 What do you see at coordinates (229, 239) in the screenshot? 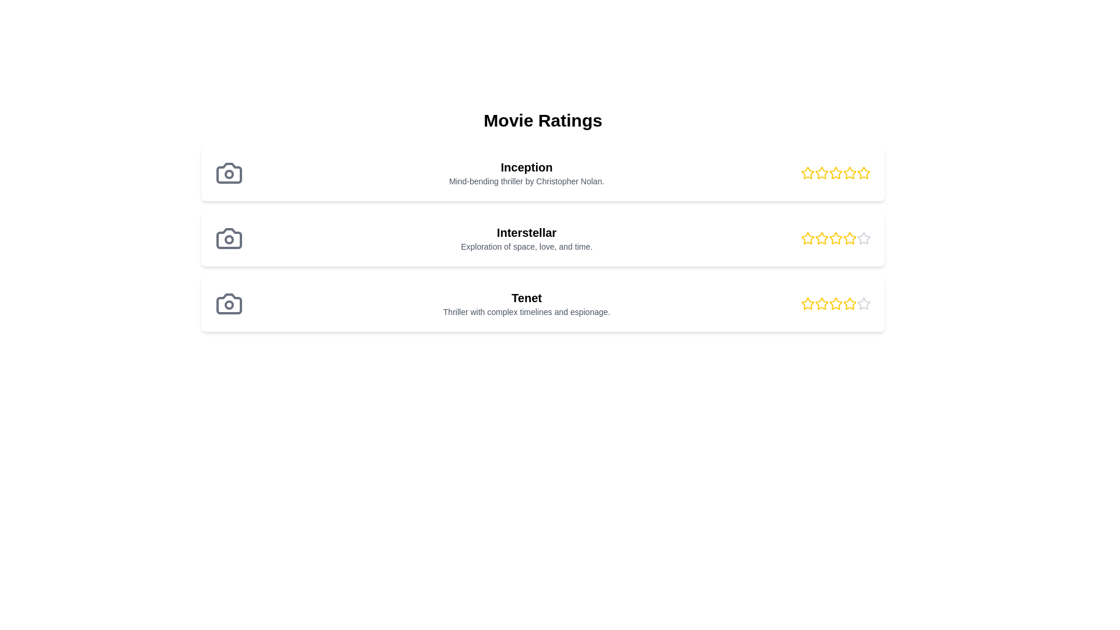
I see `the decorative circle element that is part of the second camera icon in the vertical list, located to the left of the entry labeled 'Interstellar'` at bounding box center [229, 239].